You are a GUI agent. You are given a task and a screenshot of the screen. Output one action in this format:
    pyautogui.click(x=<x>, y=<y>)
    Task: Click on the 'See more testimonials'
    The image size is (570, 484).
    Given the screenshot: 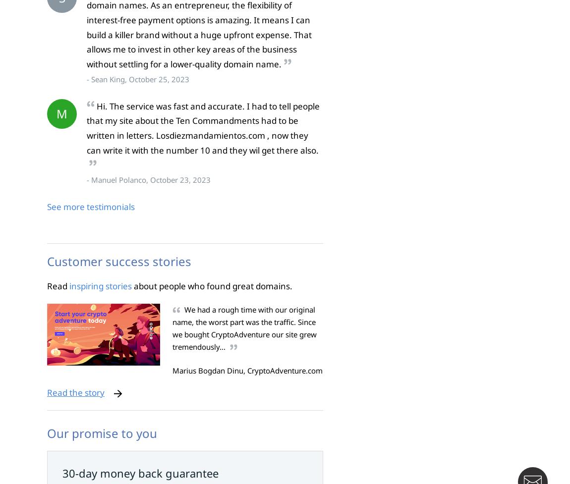 What is the action you would take?
    pyautogui.click(x=46, y=207)
    